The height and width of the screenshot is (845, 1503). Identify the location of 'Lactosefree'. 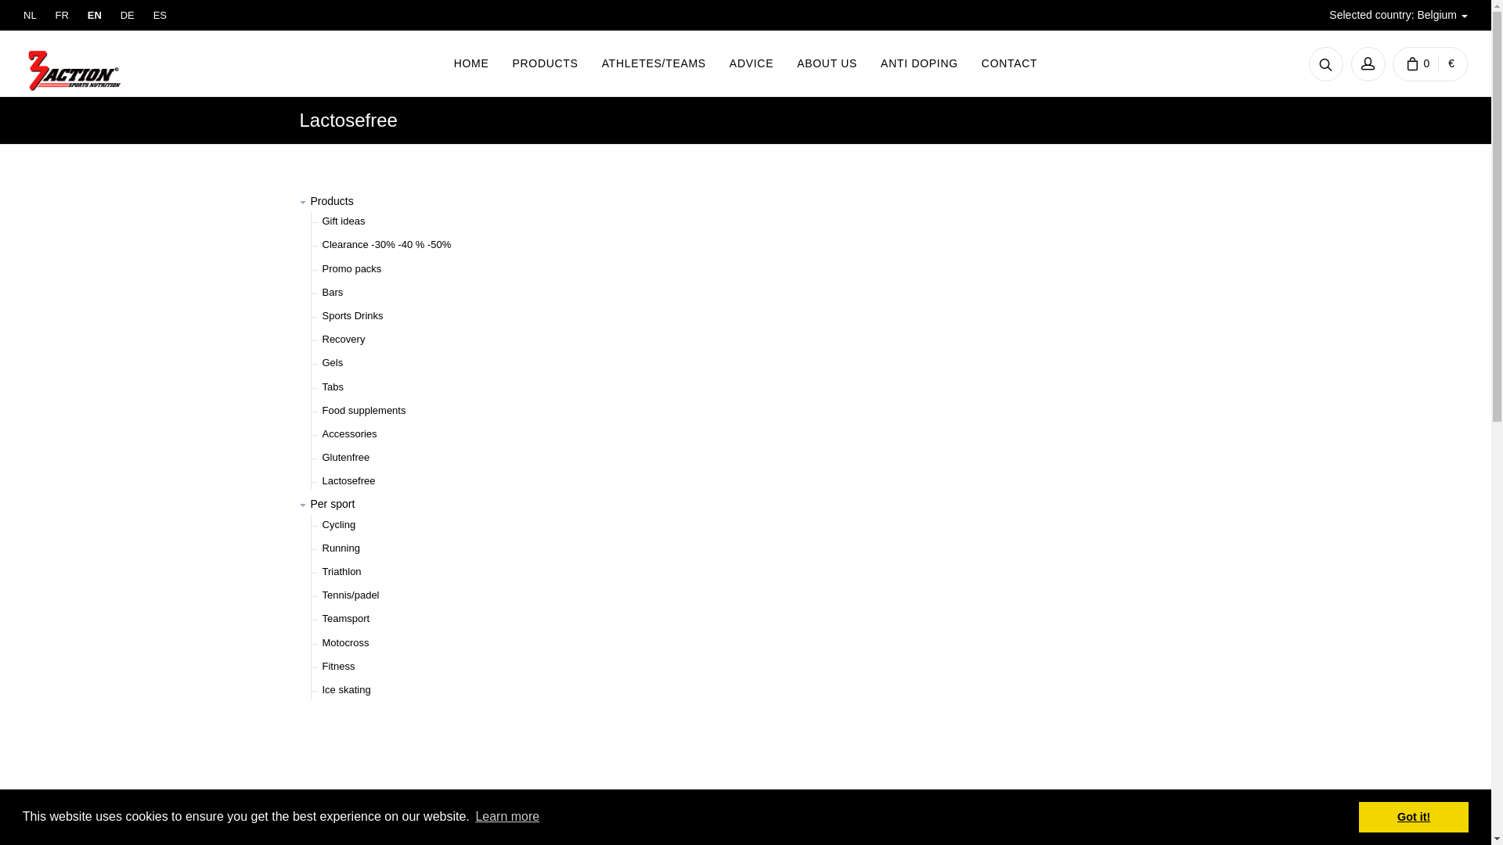
(348, 480).